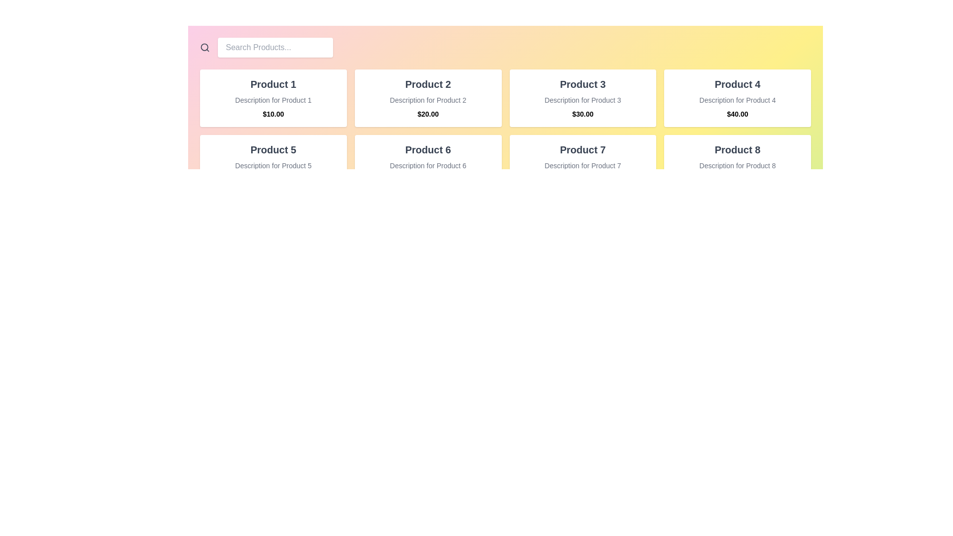  Describe the element at coordinates (273, 163) in the screenshot. I see `the Information card featuring the title 'Product 5', which is a rectangular white card with rounded corners, located in the second row and first column of the grid layout` at that location.